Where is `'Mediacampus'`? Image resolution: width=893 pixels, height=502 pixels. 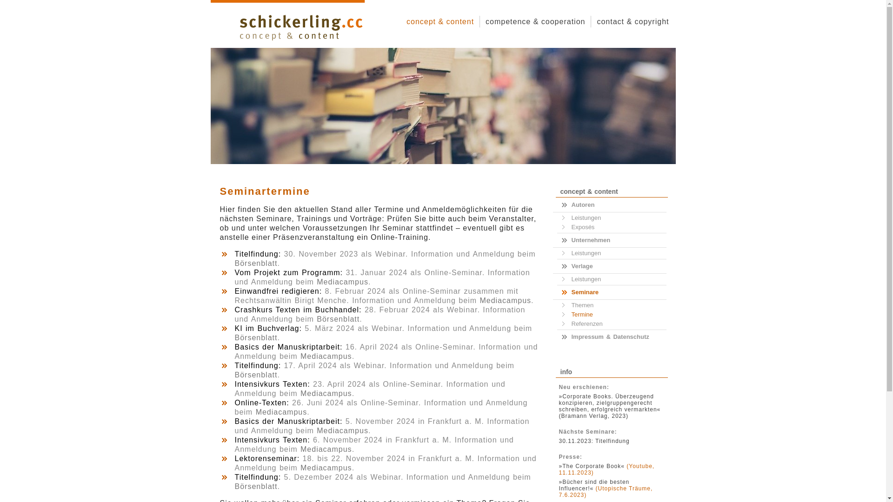 'Mediacampus' is located at coordinates (342, 281).